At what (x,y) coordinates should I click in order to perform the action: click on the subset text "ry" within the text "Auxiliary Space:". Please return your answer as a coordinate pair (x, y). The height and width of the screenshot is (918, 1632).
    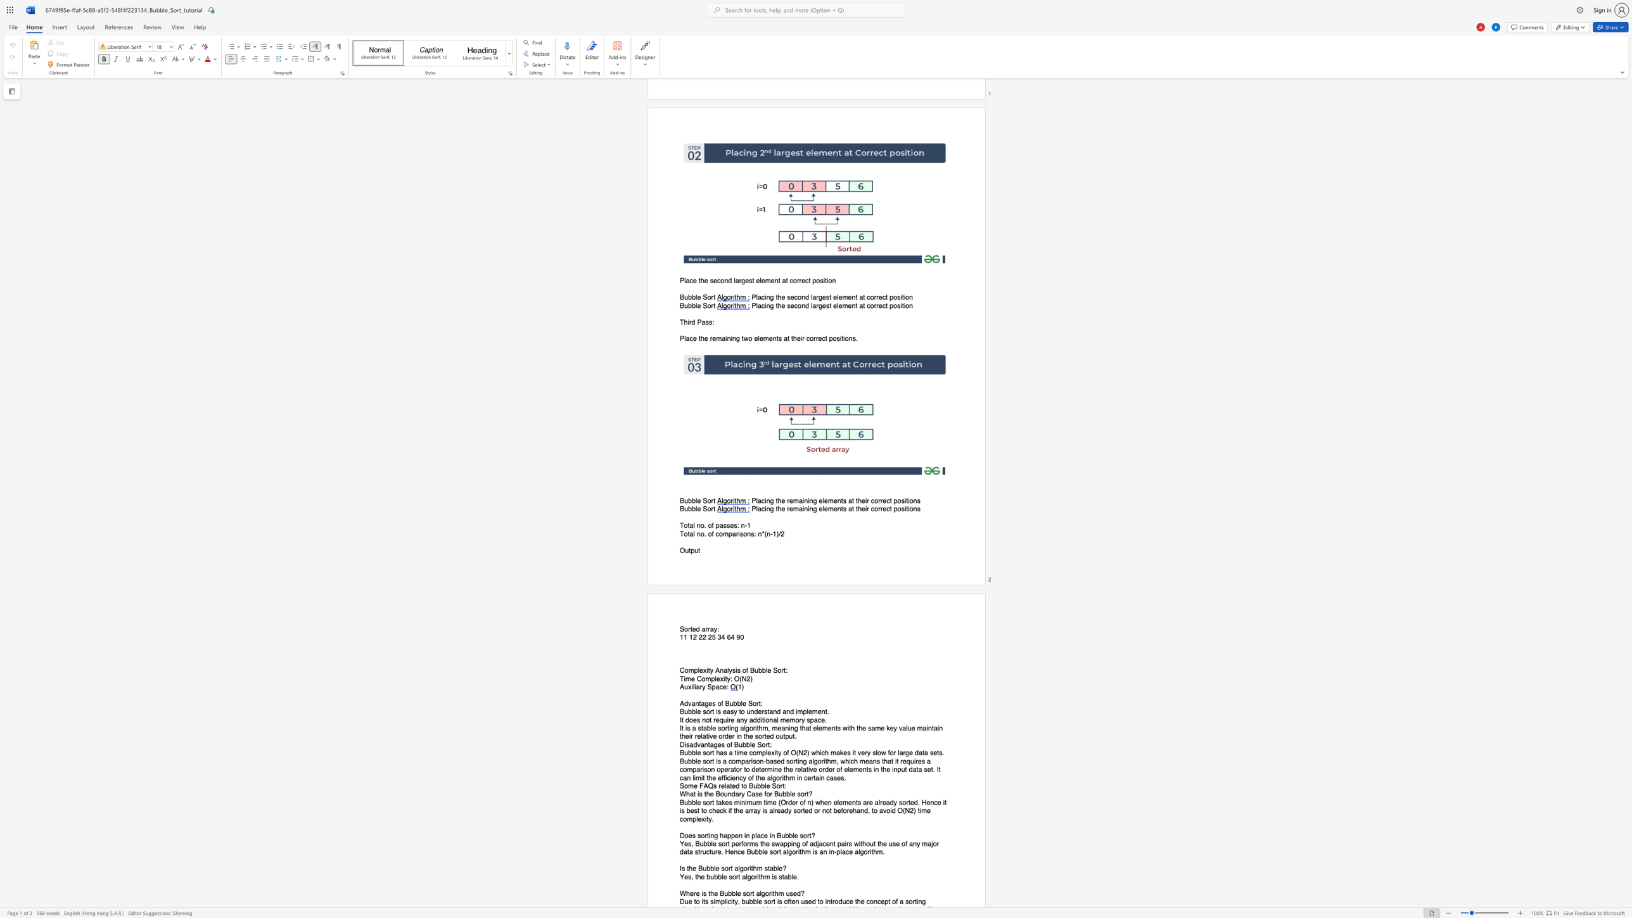
    Looking at the image, I should click on (699, 687).